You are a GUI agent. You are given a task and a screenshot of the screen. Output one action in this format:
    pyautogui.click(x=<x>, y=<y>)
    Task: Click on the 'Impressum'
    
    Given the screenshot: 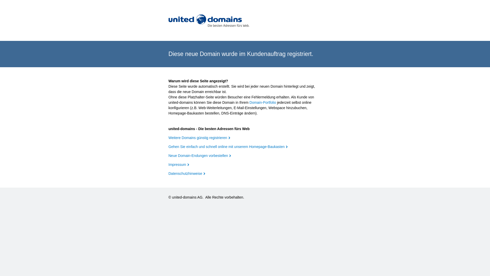 What is the action you would take?
    pyautogui.click(x=179, y=165)
    